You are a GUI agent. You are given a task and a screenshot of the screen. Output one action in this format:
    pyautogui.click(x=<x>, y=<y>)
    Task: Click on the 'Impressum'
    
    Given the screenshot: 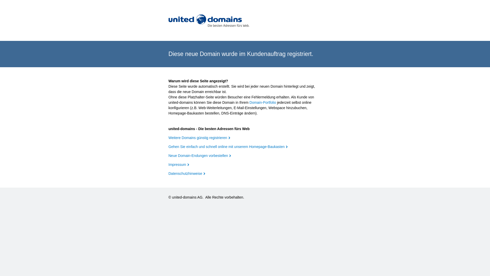 What is the action you would take?
    pyautogui.click(x=179, y=165)
    